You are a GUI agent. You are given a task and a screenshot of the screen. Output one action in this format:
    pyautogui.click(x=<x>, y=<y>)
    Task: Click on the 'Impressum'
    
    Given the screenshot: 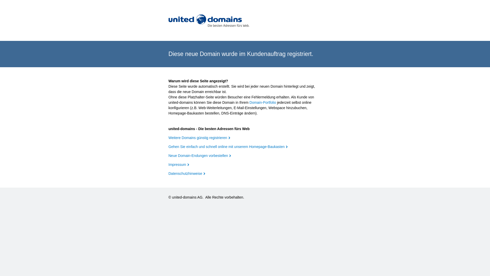 What is the action you would take?
    pyautogui.click(x=179, y=165)
    